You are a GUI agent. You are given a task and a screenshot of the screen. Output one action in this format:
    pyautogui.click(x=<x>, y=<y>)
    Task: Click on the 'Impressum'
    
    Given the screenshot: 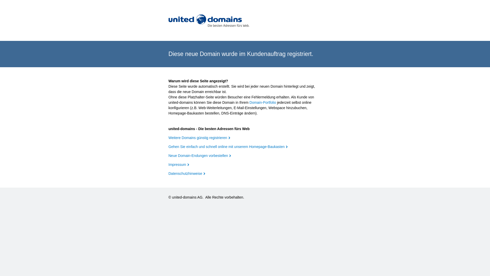 What is the action you would take?
    pyautogui.click(x=179, y=165)
    